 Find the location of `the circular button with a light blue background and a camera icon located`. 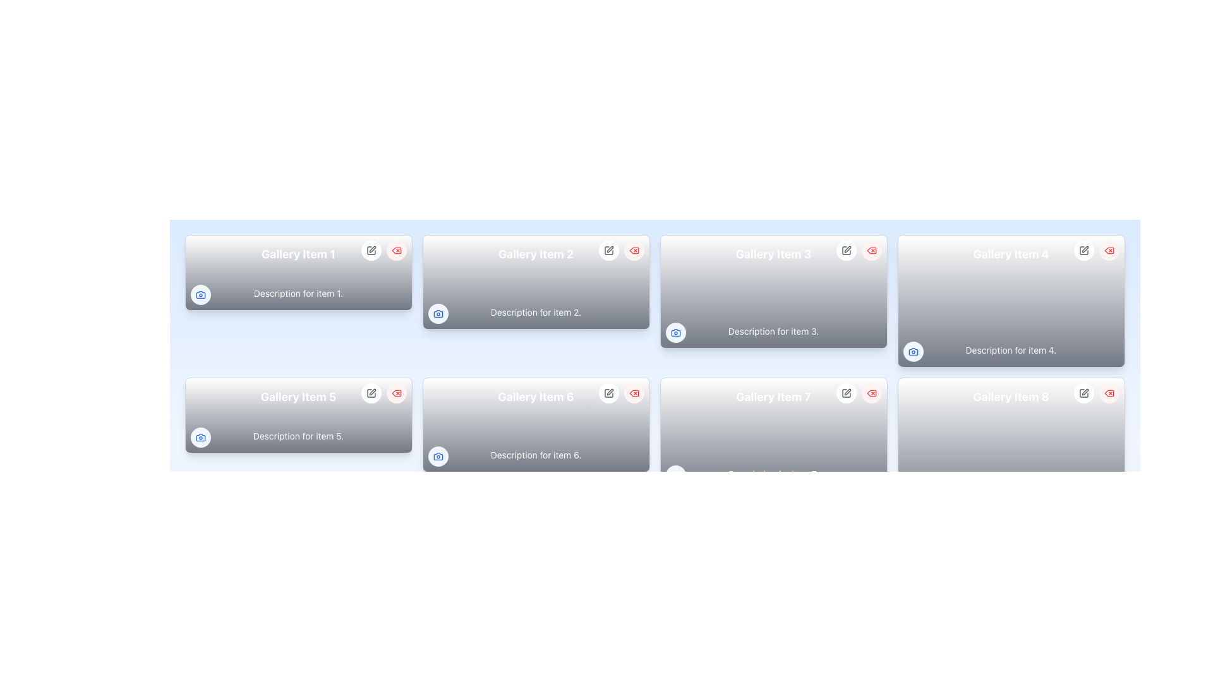

the circular button with a light blue background and a camera icon located is located at coordinates (200, 437).